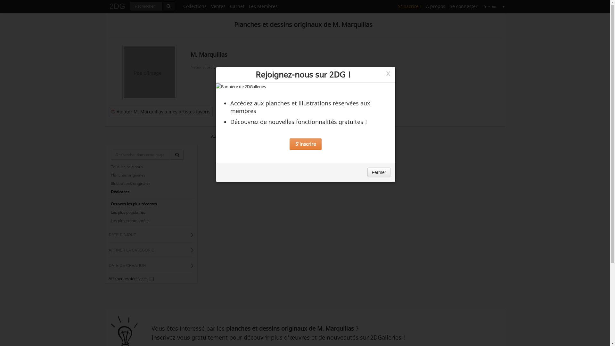 The width and height of the screenshot is (615, 346). I want to click on 'photo_placeholder', so click(149, 72).